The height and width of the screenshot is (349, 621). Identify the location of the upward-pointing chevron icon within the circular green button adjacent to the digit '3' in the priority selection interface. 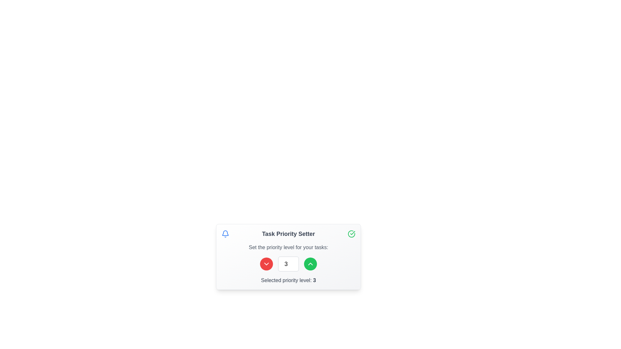
(310, 264).